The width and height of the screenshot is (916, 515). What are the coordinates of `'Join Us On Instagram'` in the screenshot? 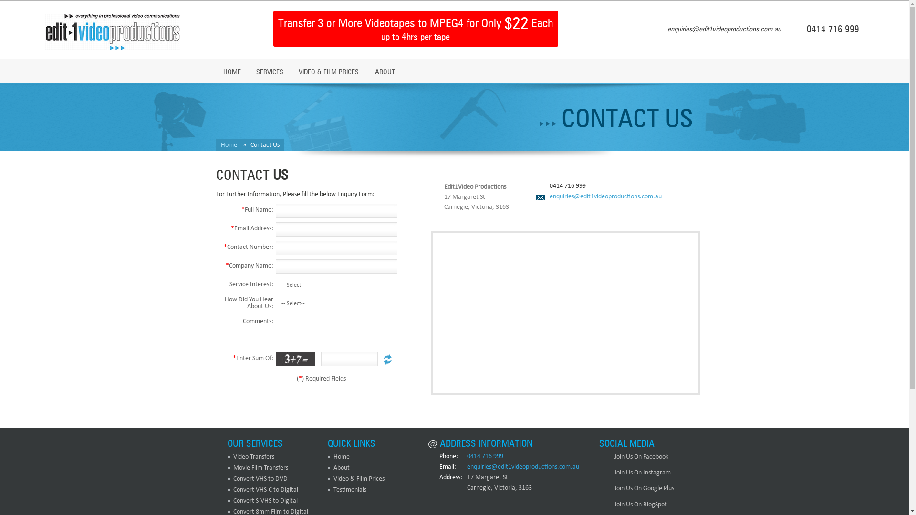 It's located at (635, 474).